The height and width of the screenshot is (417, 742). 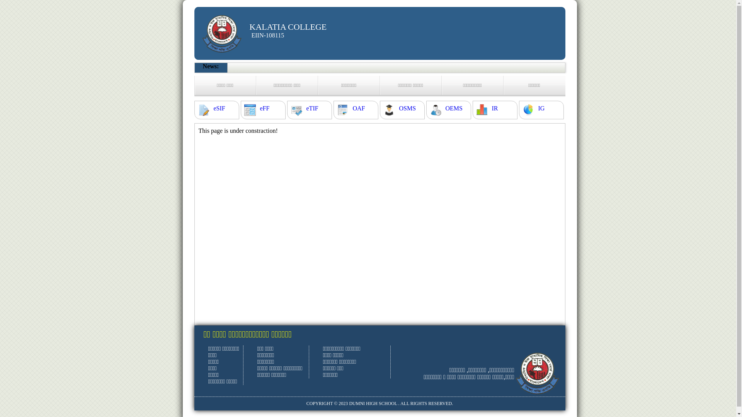 I want to click on 'OEMS', so click(x=454, y=108).